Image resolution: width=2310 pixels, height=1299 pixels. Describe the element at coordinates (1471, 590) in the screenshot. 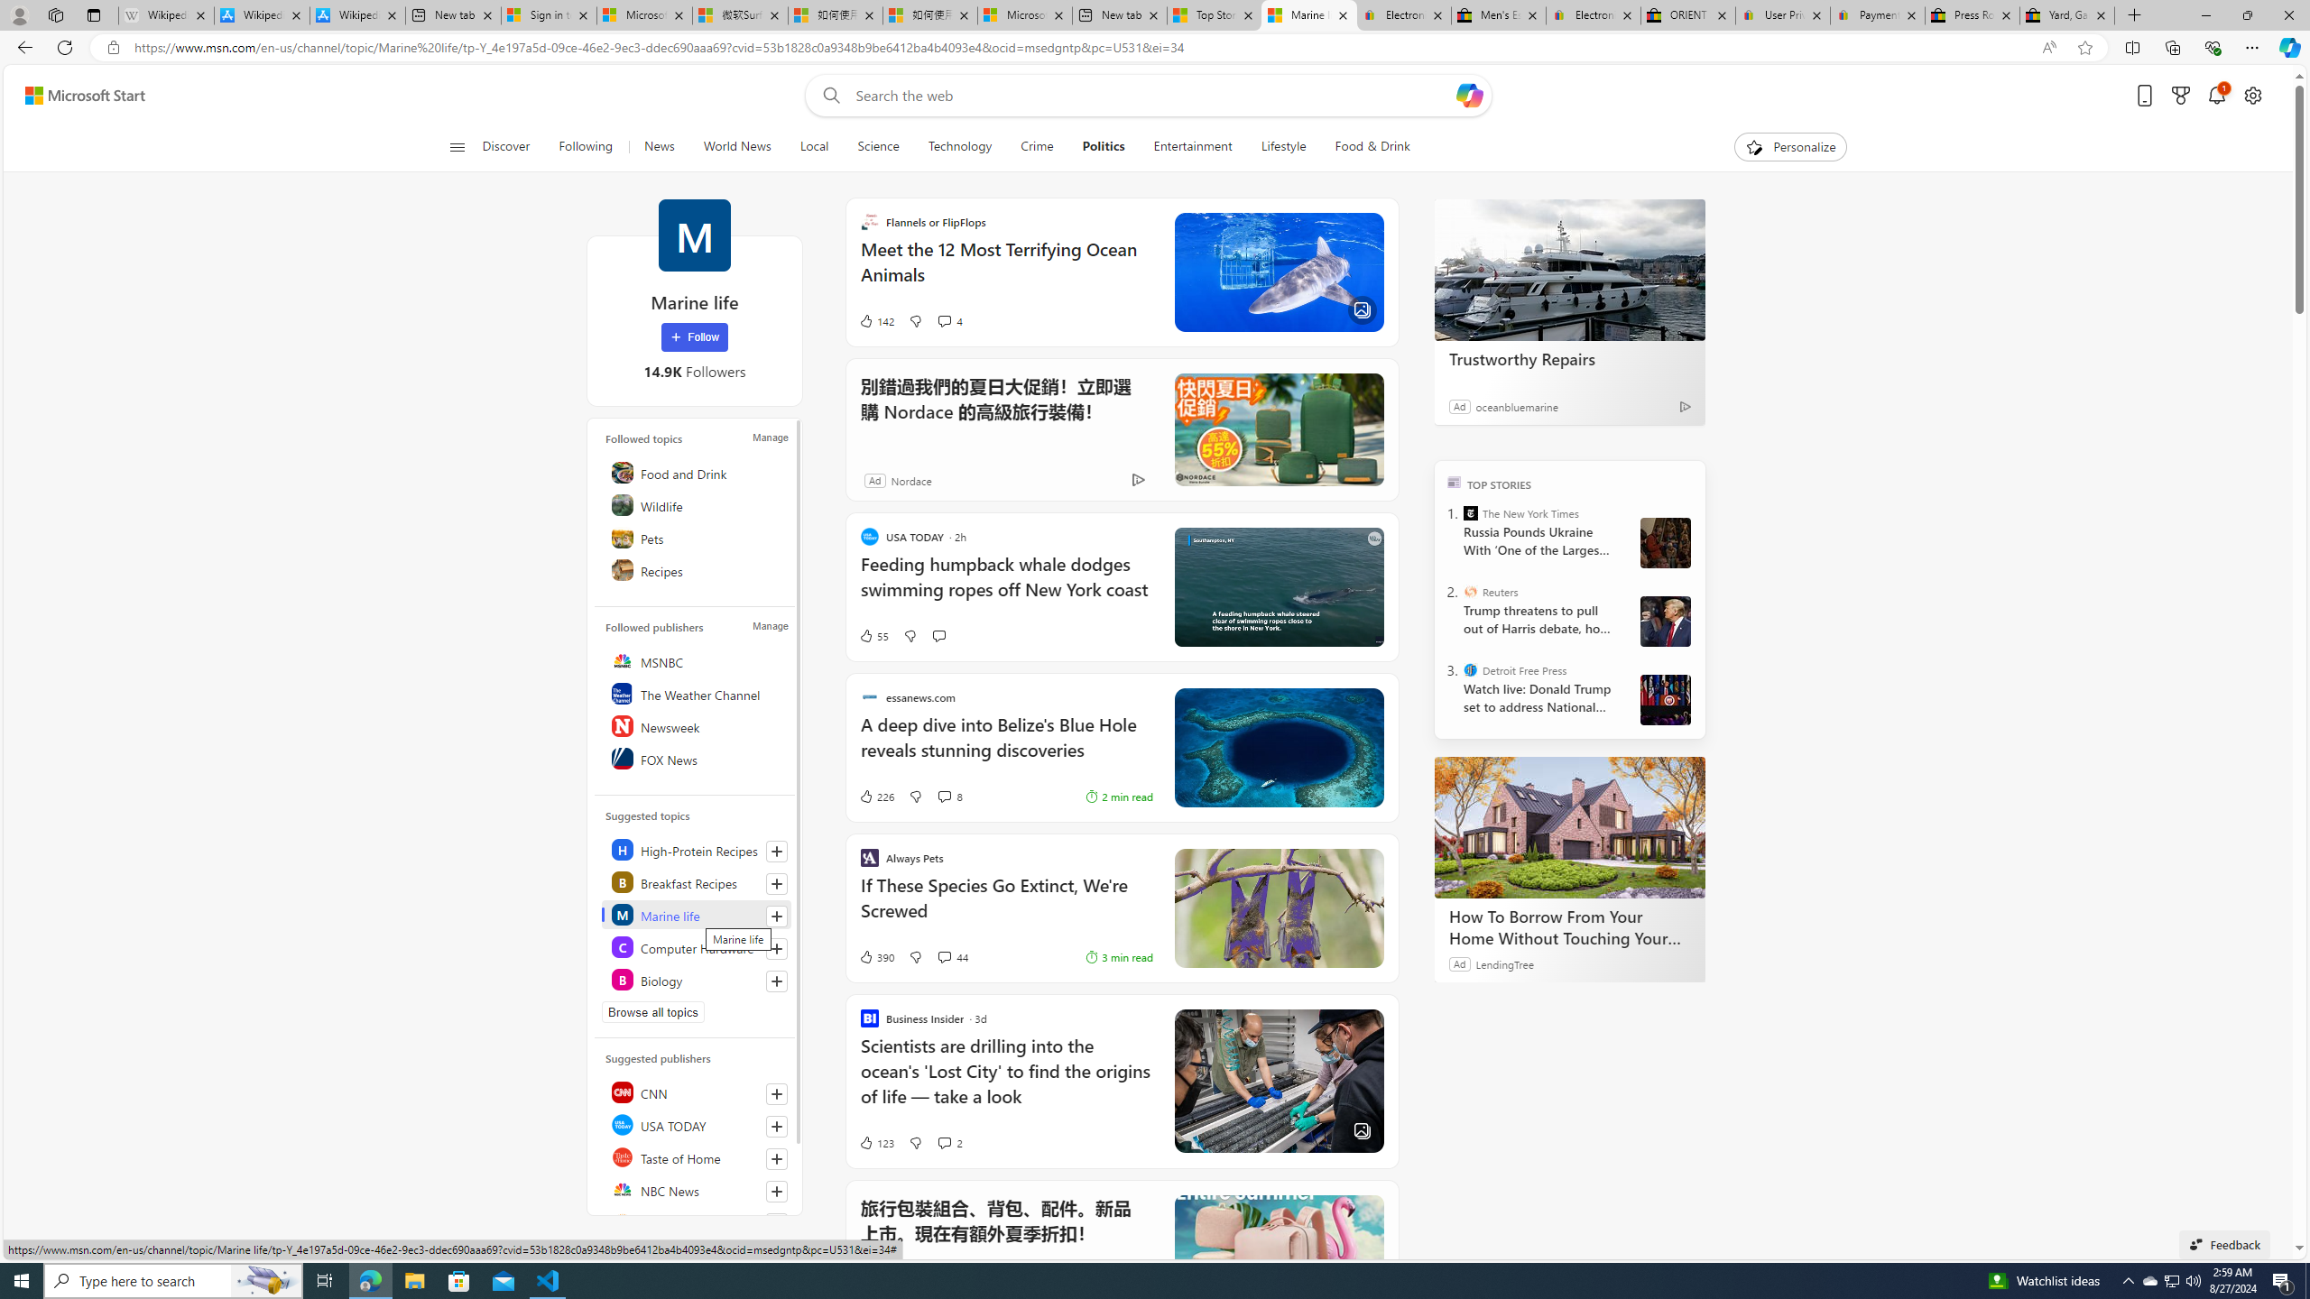

I see `'Reuters'` at that location.